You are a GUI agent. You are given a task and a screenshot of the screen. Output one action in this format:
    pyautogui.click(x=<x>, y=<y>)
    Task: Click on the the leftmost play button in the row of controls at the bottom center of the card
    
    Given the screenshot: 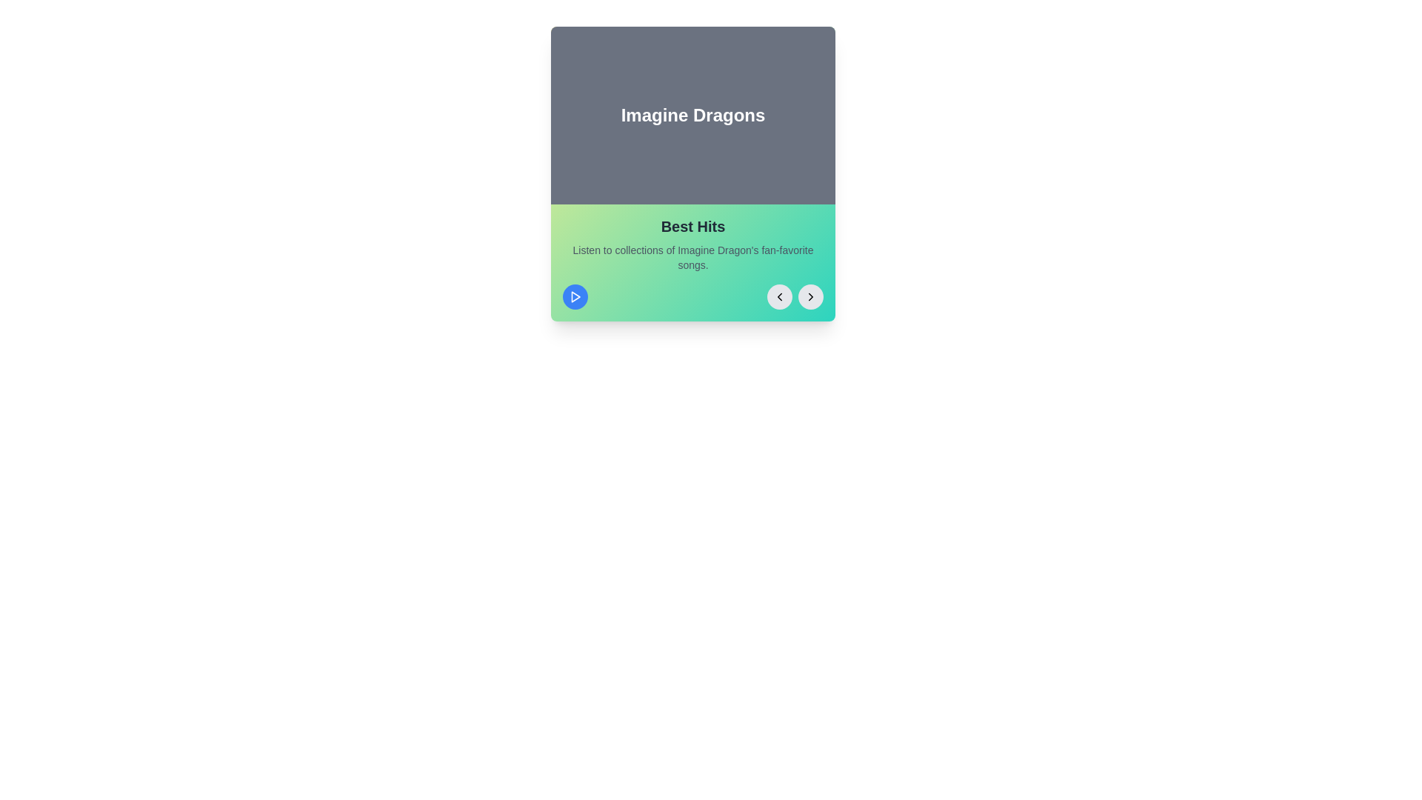 What is the action you would take?
    pyautogui.click(x=575, y=297)
    